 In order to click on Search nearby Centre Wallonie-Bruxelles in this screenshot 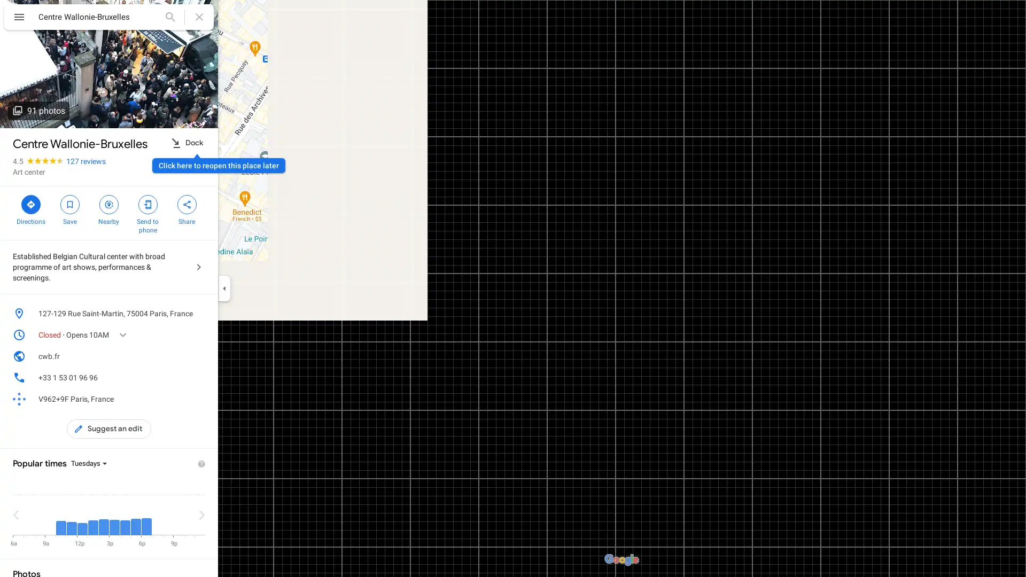, I will do `click(108, 208)`.